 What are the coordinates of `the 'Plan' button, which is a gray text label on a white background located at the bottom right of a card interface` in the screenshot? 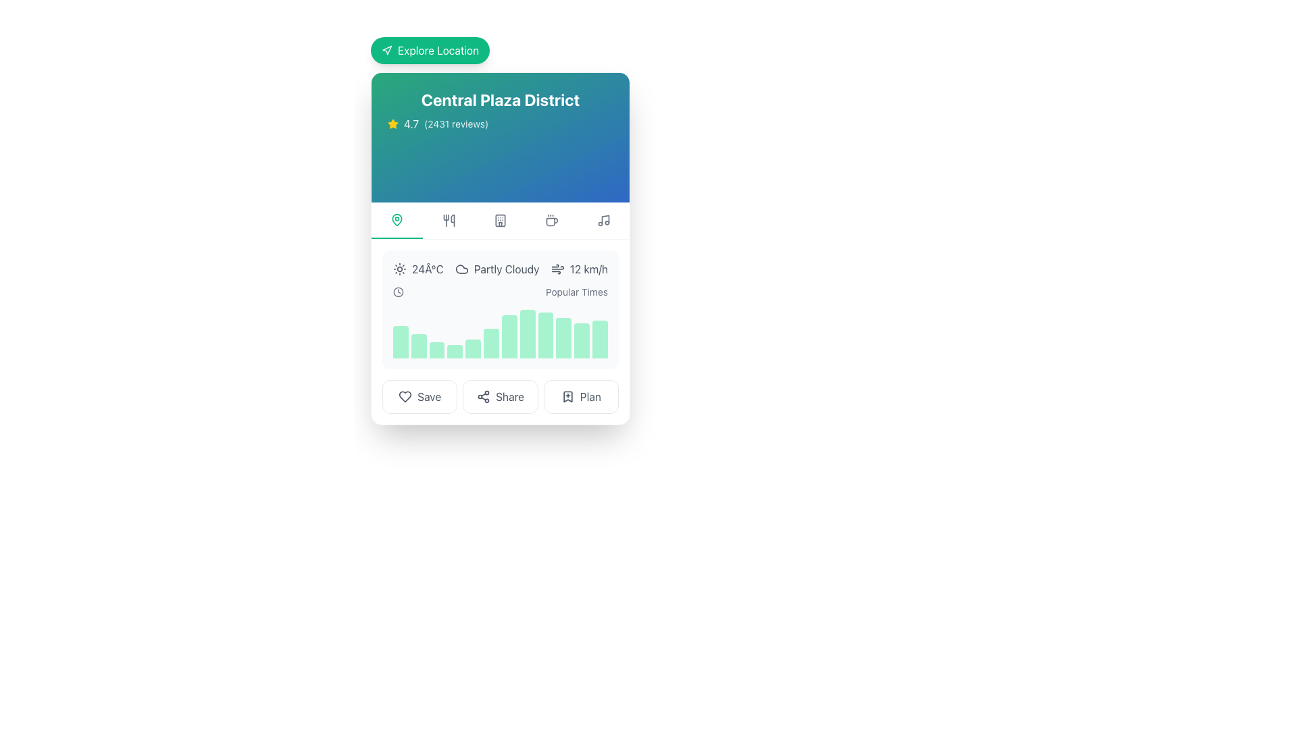 It's located at (590, 396).